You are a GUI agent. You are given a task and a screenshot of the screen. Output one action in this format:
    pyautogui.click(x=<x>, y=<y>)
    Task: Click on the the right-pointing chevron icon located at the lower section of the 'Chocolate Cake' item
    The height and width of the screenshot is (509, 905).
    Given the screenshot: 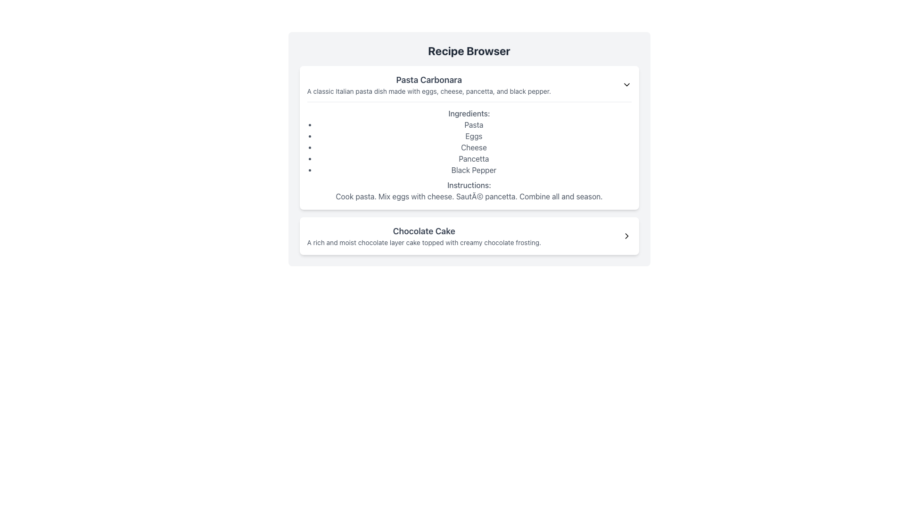 What is the action you would take?
    pyautogui.click(x=626, y=236)
    